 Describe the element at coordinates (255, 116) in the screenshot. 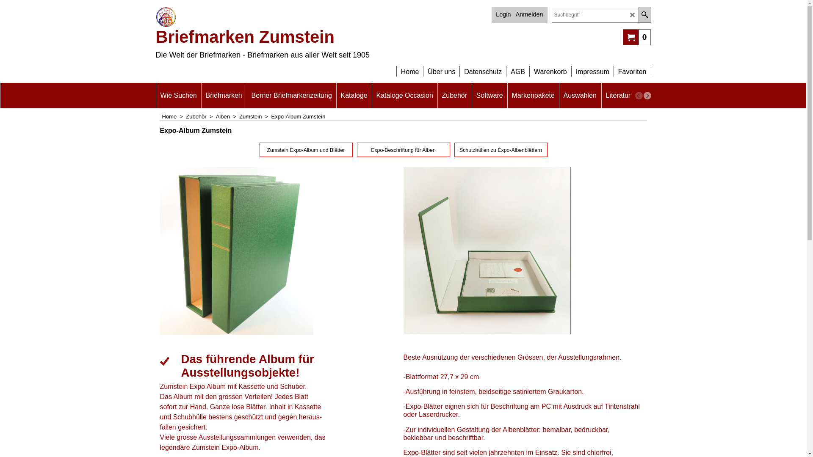

I see `'Zumstein  > '` at that location.